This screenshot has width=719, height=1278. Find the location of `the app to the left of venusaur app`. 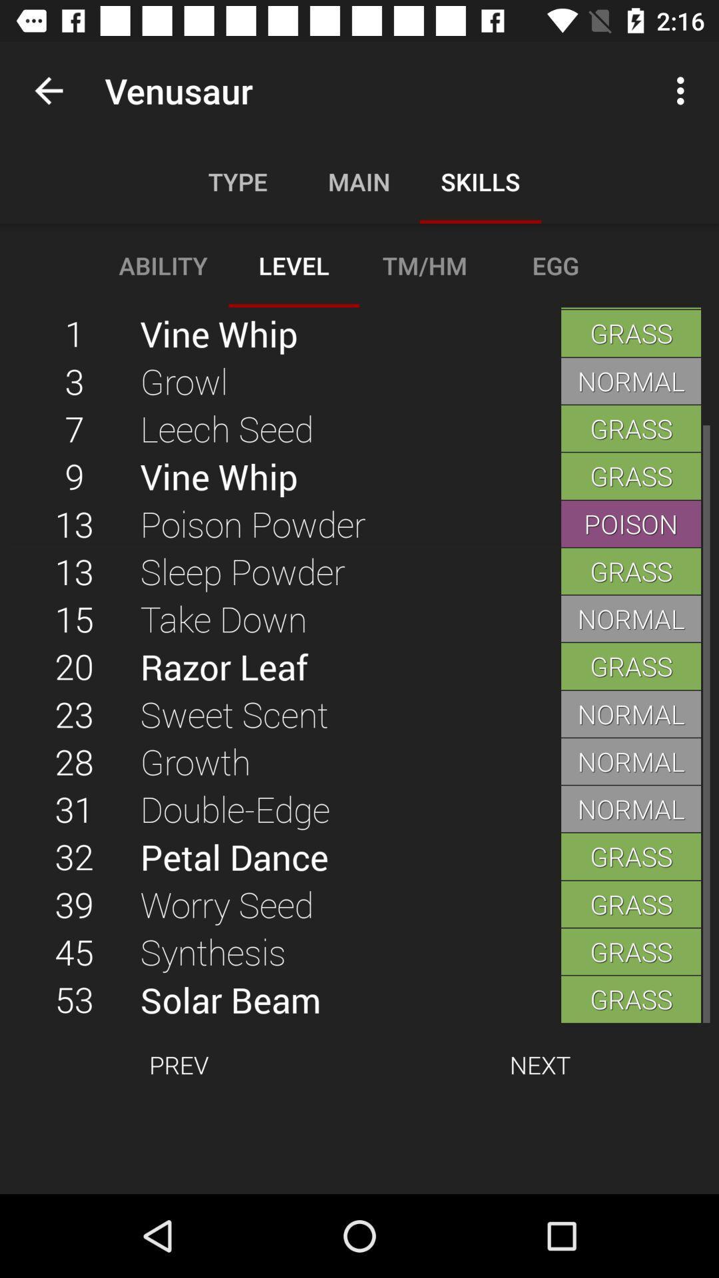

the app to the left of venusaur app is located at coordinates (48, 90).